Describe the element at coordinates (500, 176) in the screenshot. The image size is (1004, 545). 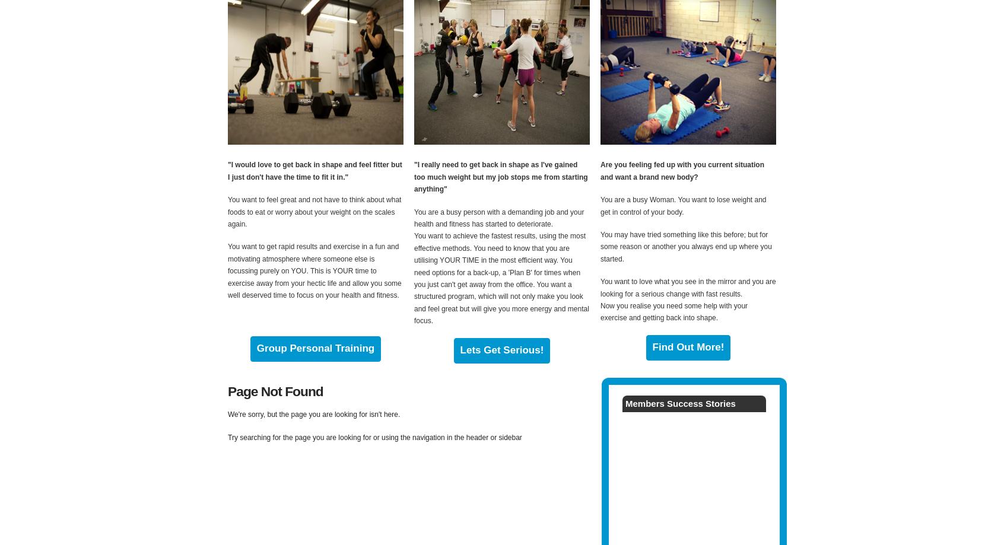
I see `'"I really need to get back in shape as I've gained too much weight but my job stops me from starting anything"'` at that location.